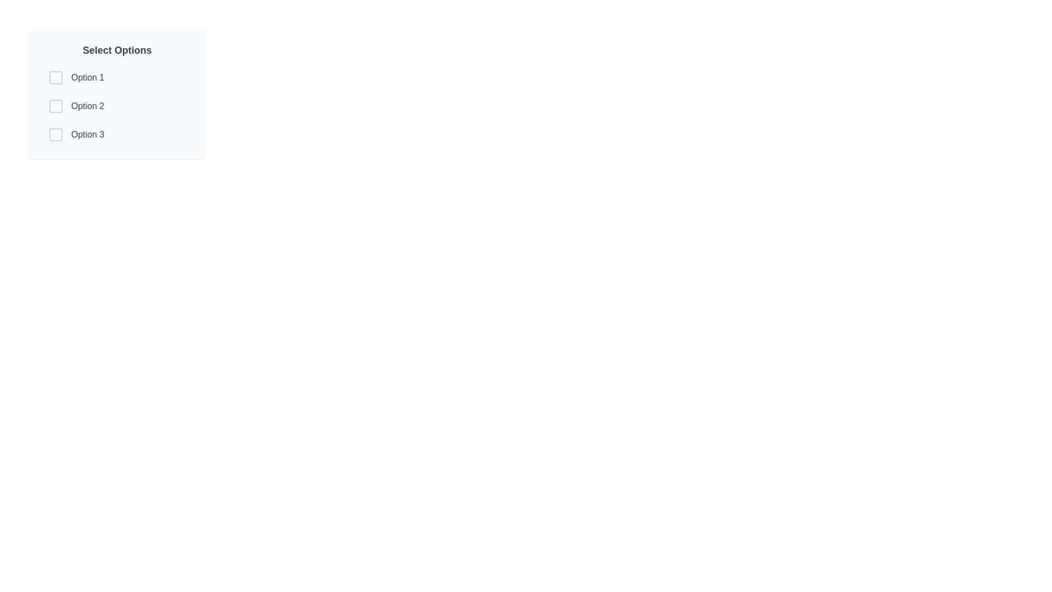 This screenshot has height=592, width=1052. Describe the element at coordinates (117, 106) in the screenshot. I see `on the checkbox labeled 'Option 2'` at that location.